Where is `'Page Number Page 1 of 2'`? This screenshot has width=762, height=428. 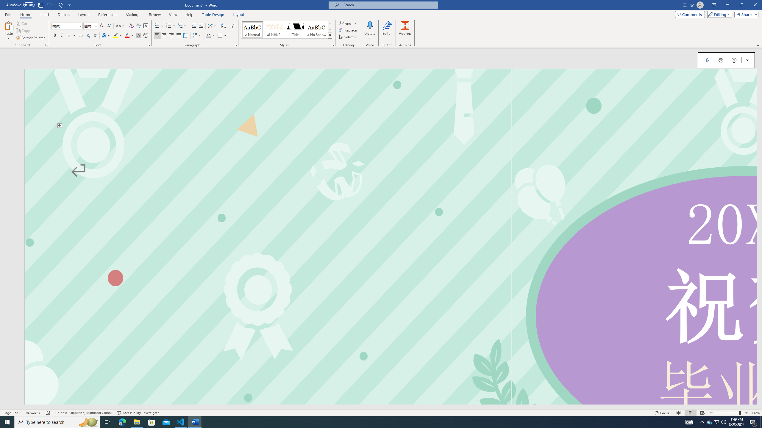 'Page Number Page 1 of 2' is located at coordinates (12, 413).